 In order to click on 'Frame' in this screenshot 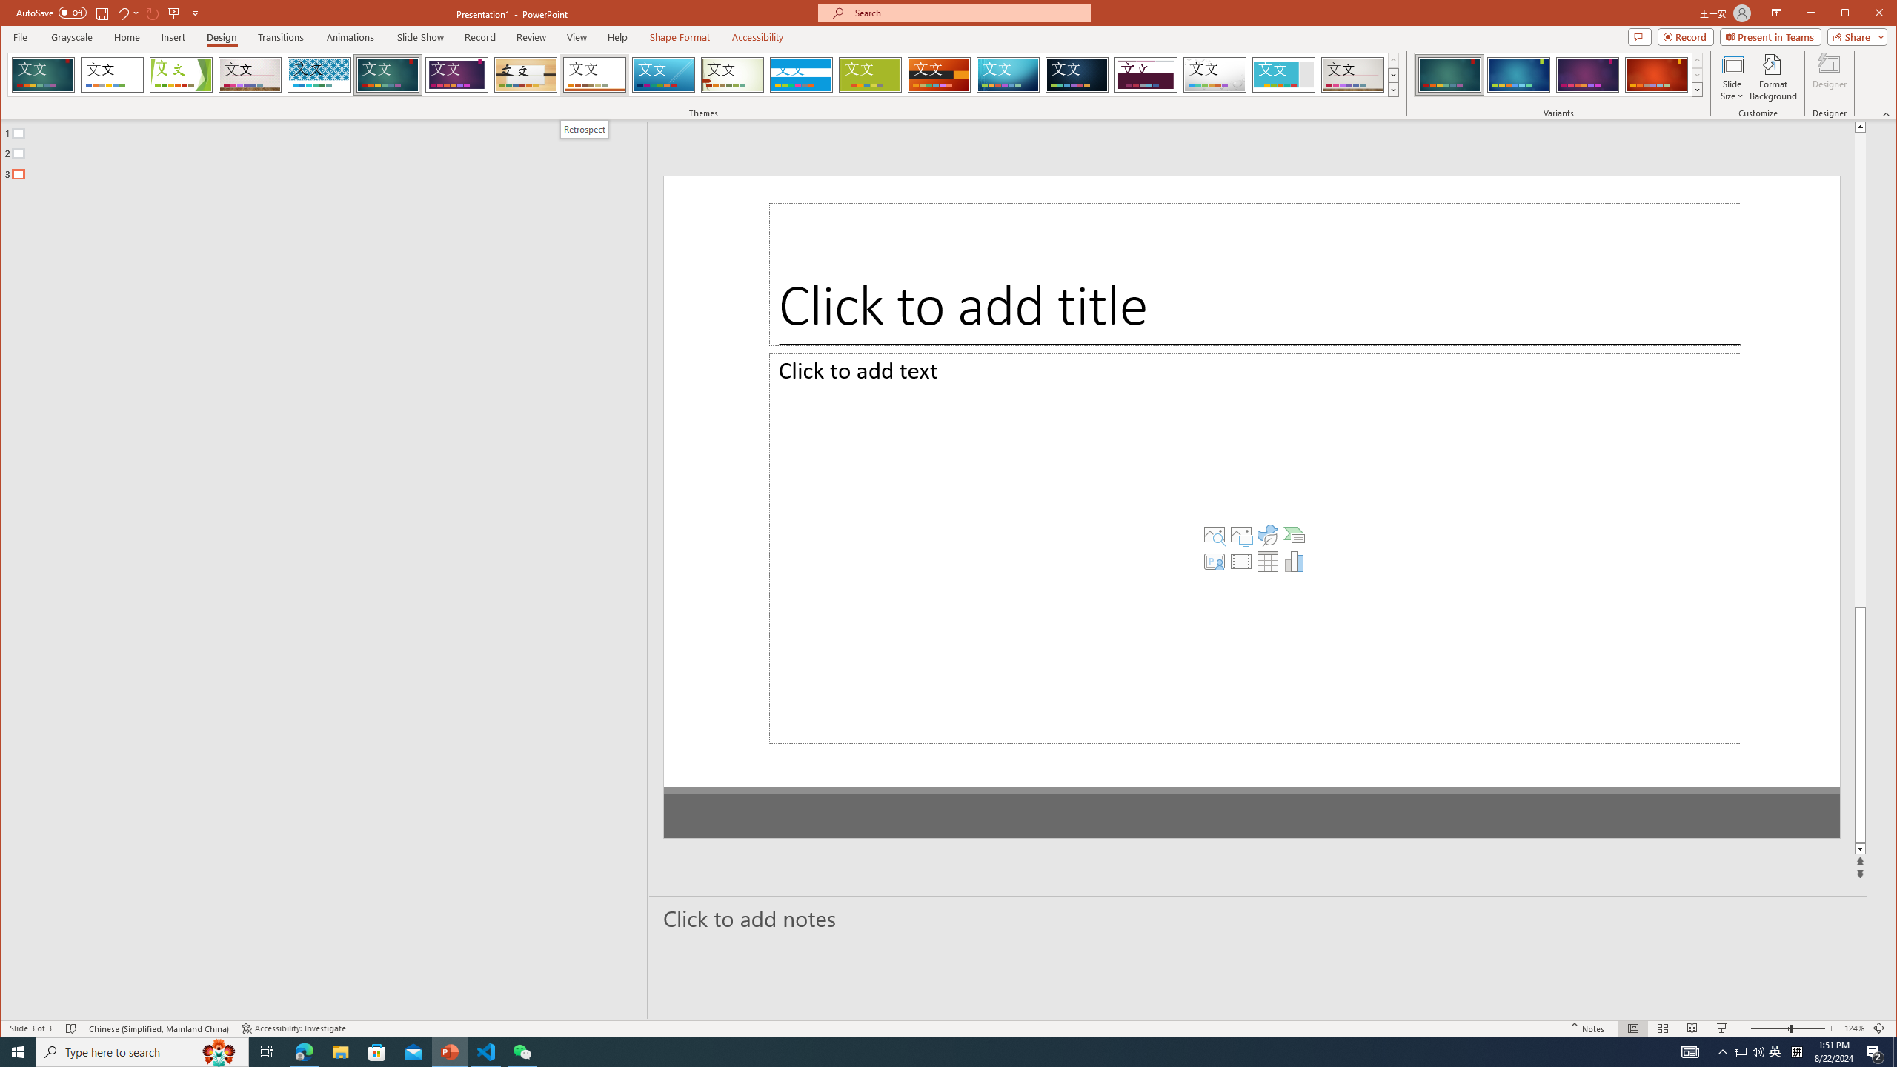, I will do `click(1283, 74)`.